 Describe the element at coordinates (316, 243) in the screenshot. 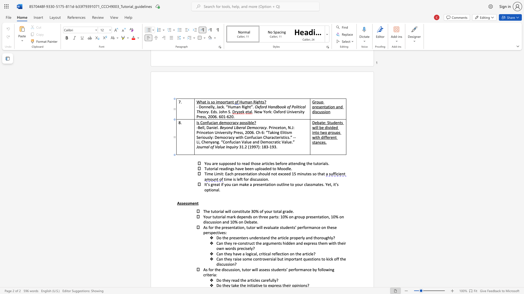

I see `the 4th character "s" in the text` at that location.